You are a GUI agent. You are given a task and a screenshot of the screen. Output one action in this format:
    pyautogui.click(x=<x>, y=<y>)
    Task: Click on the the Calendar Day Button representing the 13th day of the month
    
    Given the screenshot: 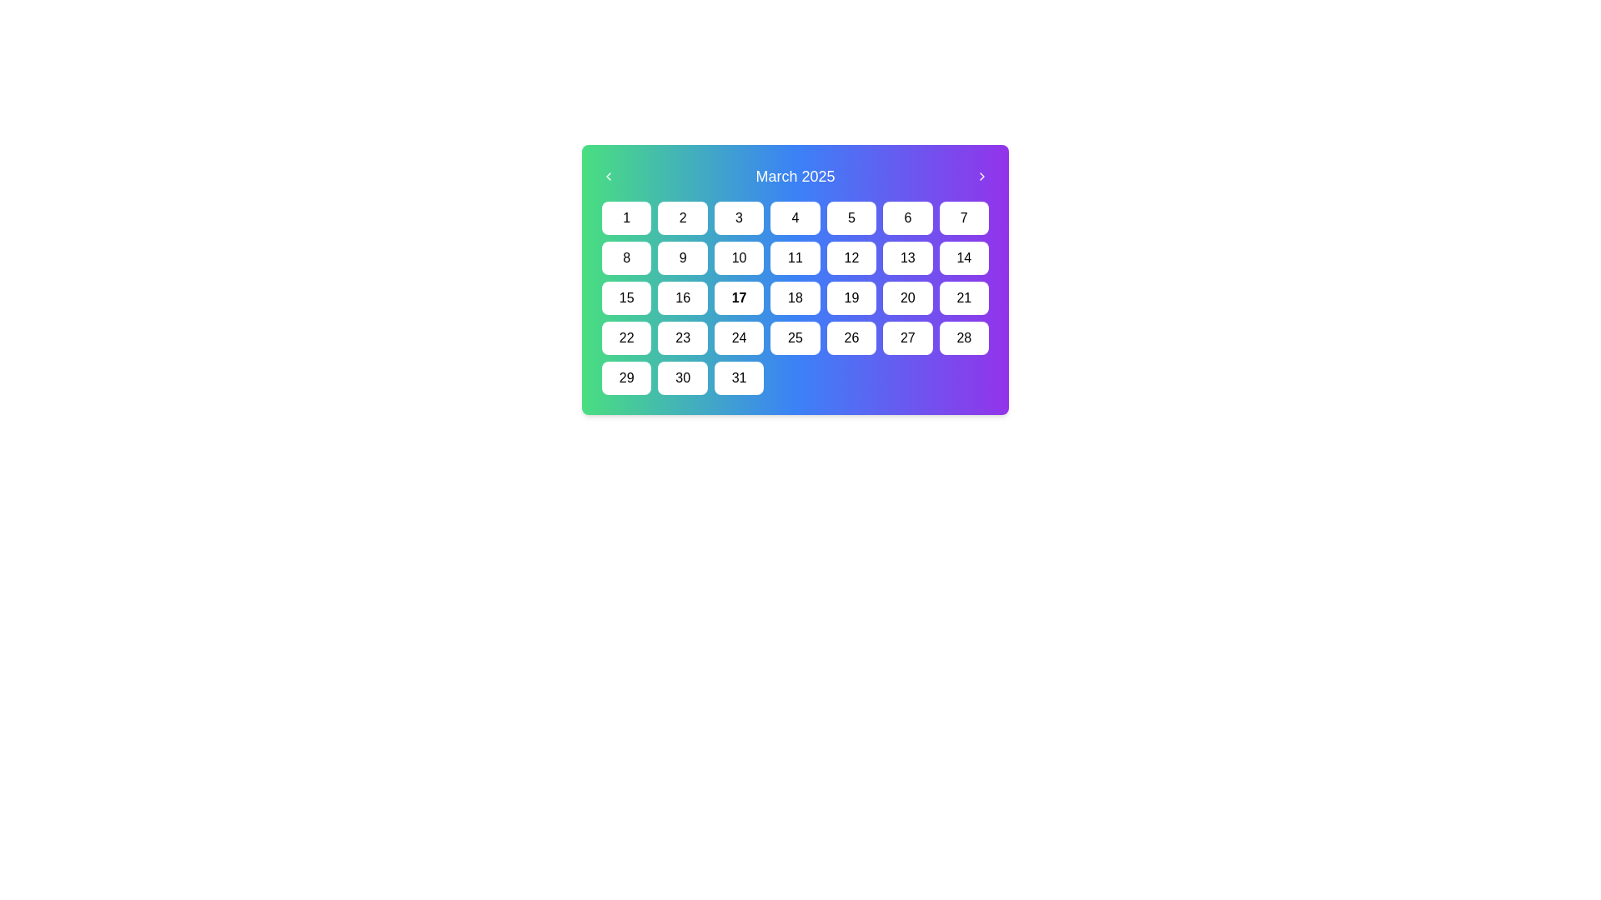 What is the action you would take?
    pyautogui.click(x=906, y=257)
    